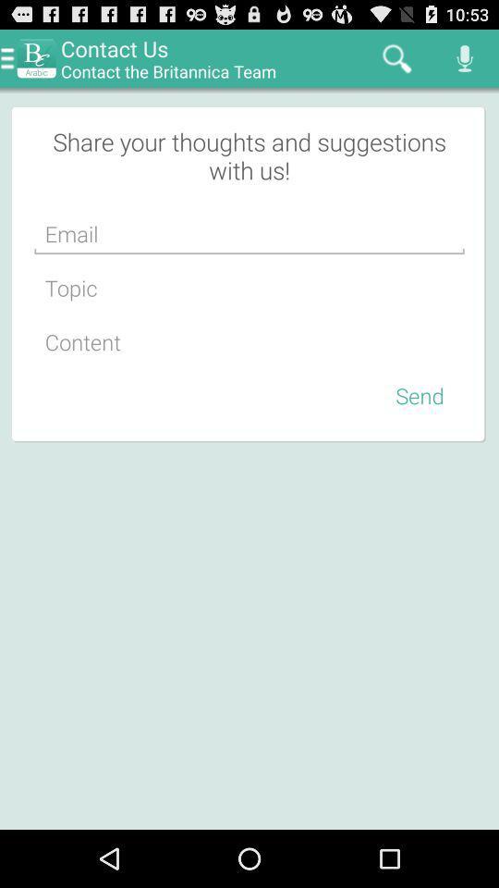 The image size is (499, 888). Describe the element at coordinates (249, 341) in the screenshot. I see `box for entering content` at that location.